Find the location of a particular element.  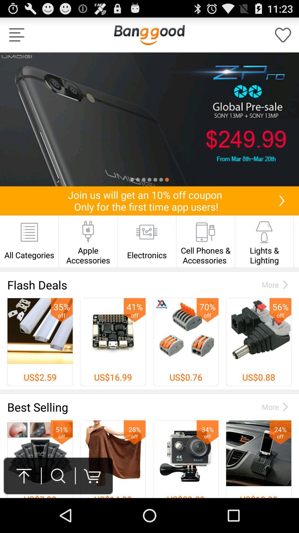

display menu is located at coordinates (16, 34).